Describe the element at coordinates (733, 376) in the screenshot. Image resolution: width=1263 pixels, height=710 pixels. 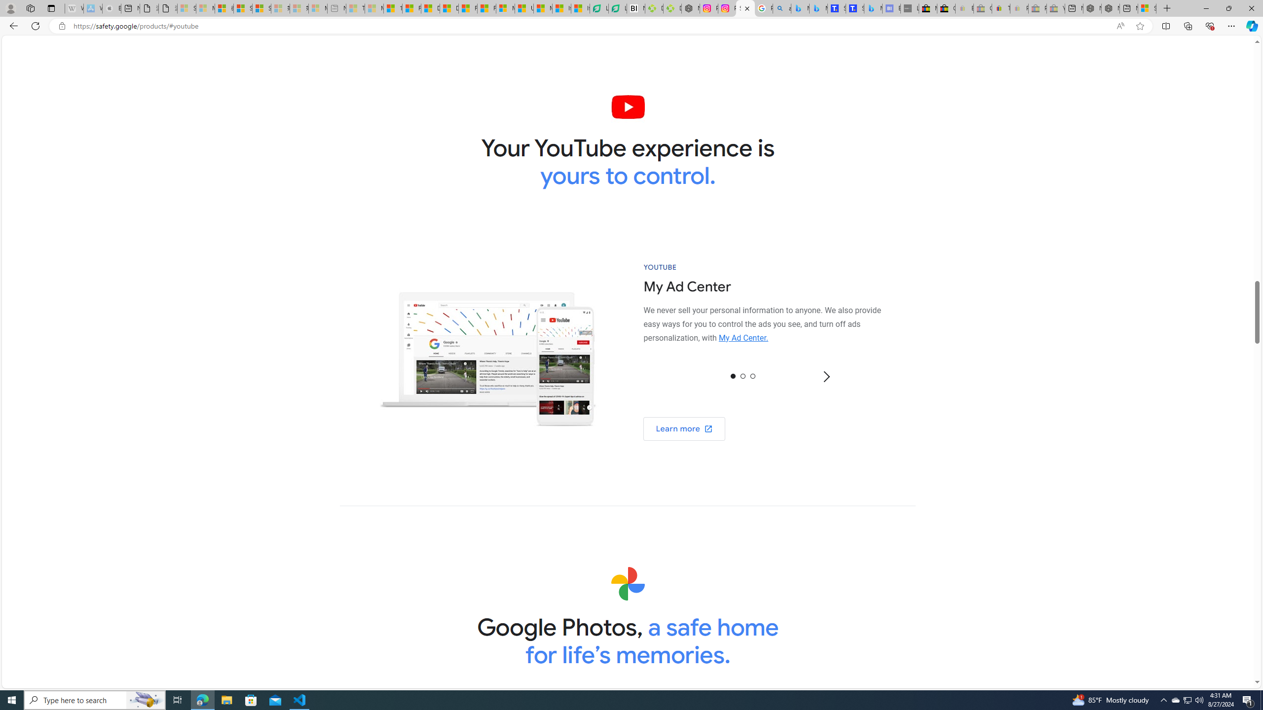
I see `'0'` at that location.